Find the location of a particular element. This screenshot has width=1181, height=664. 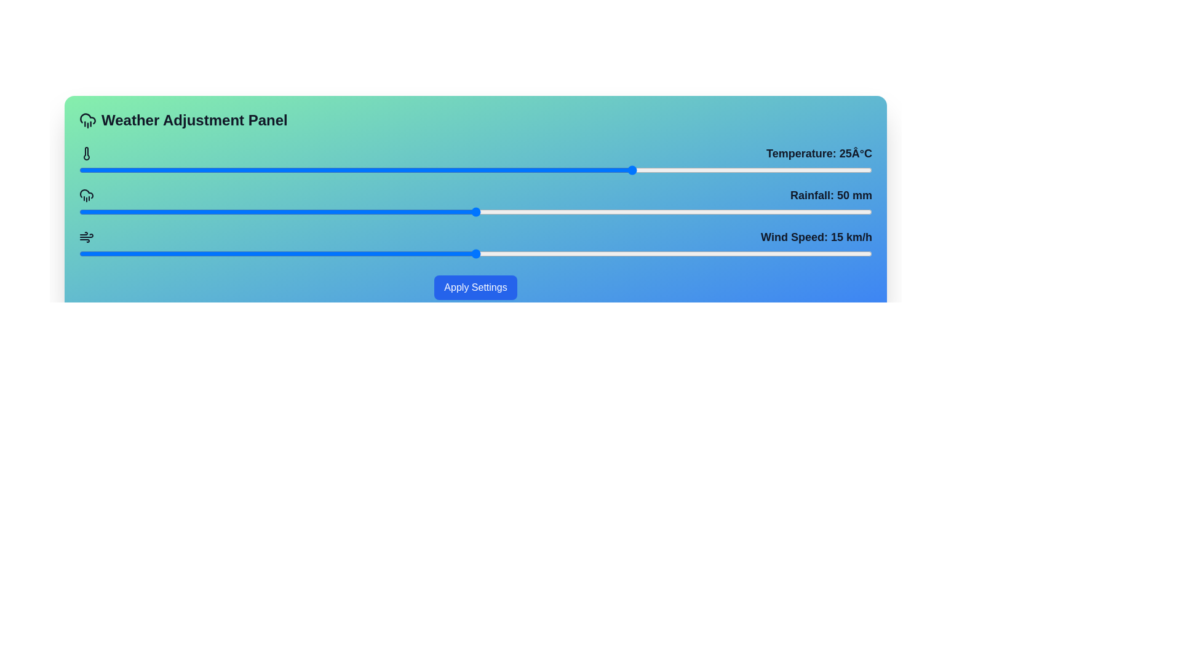

the slider knob of the 'Rainfall: 50 mm' range slider is located at coordinates (475, 202).